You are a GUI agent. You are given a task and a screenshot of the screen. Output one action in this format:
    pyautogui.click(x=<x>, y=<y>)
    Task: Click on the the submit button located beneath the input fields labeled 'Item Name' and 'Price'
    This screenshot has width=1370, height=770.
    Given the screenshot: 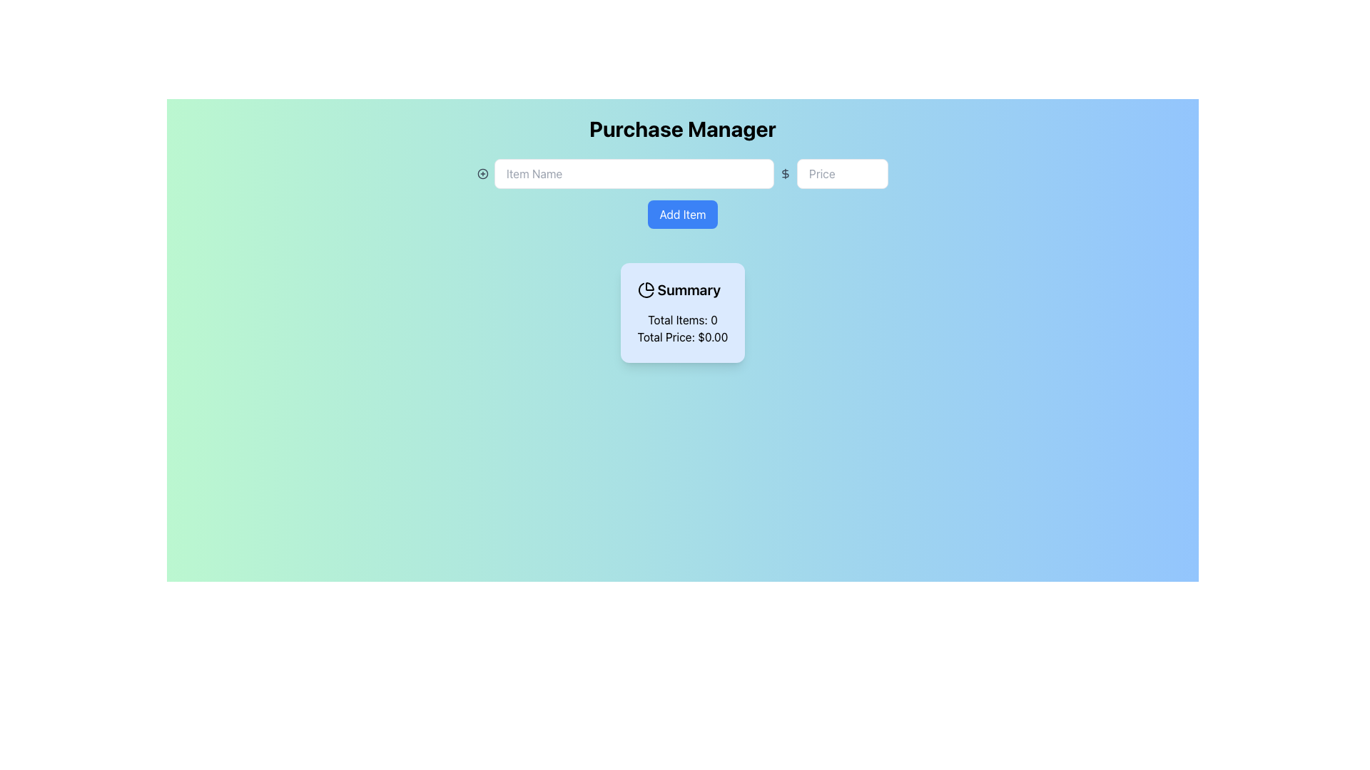 What is the action you would take?
    pyautogui.click(x=681, y=200)
    